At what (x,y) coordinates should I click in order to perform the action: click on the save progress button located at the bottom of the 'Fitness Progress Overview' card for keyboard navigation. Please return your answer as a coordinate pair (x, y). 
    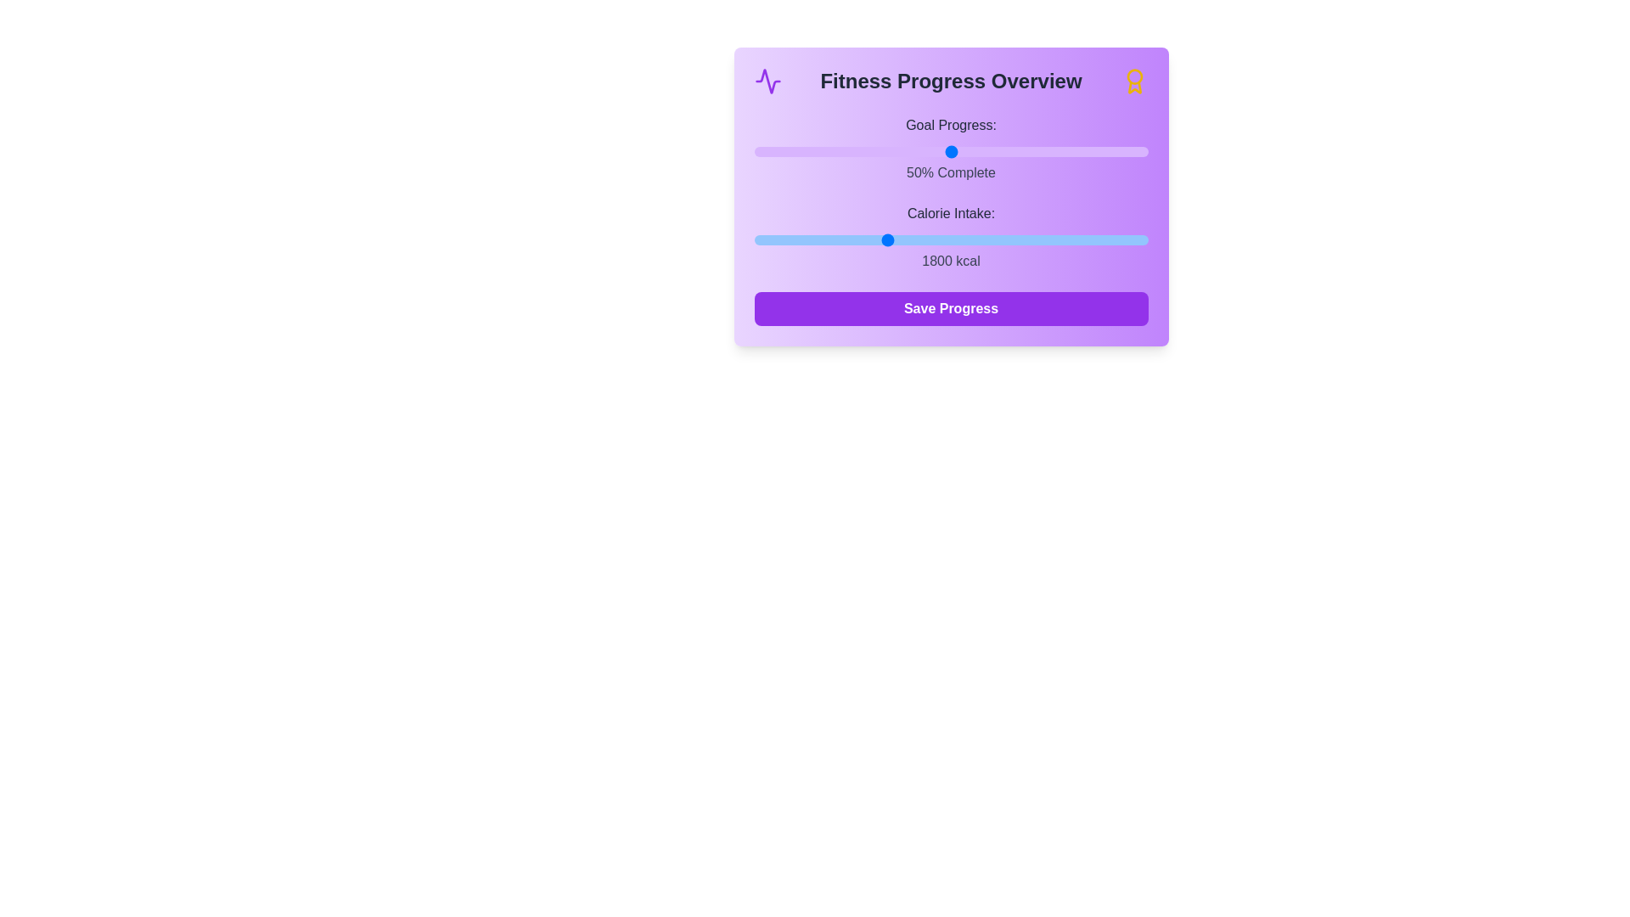
    Looking at the image, I should click on (951, 308).